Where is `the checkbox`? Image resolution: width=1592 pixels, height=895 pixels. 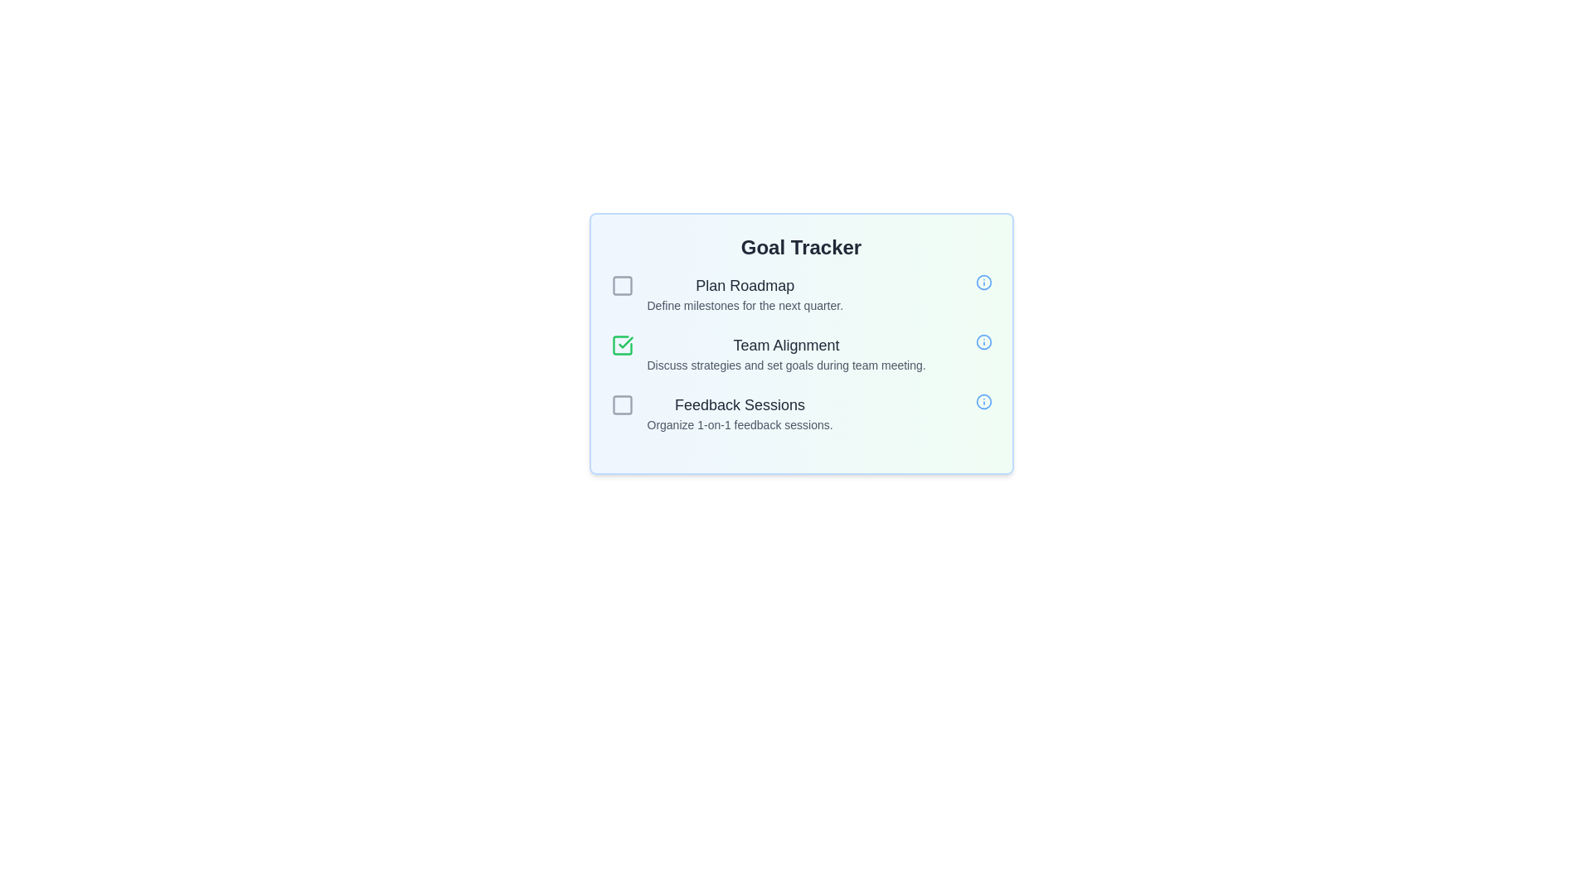 the checkbox is located at coordinates (621, 405).